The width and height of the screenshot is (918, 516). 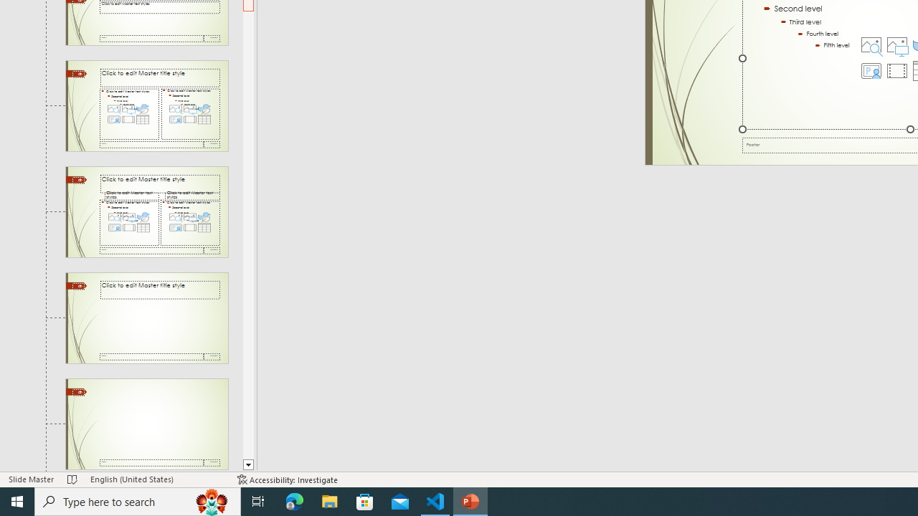 What do you see at coordinates (146, 212) in the screenshot?
I see `'Slide Comparison Layout: used by no slides'` at bounding box center [146, 212].